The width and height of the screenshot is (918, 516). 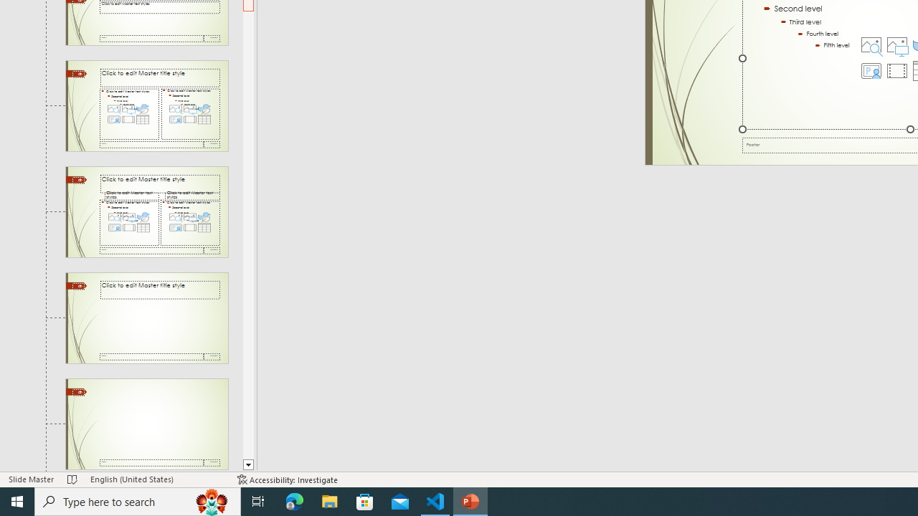 What do you see at coordinates (146, 212) in the screenshot?
I see `'Slide Comparison Layout: used by no slides'` at bounding box center [146, 212].